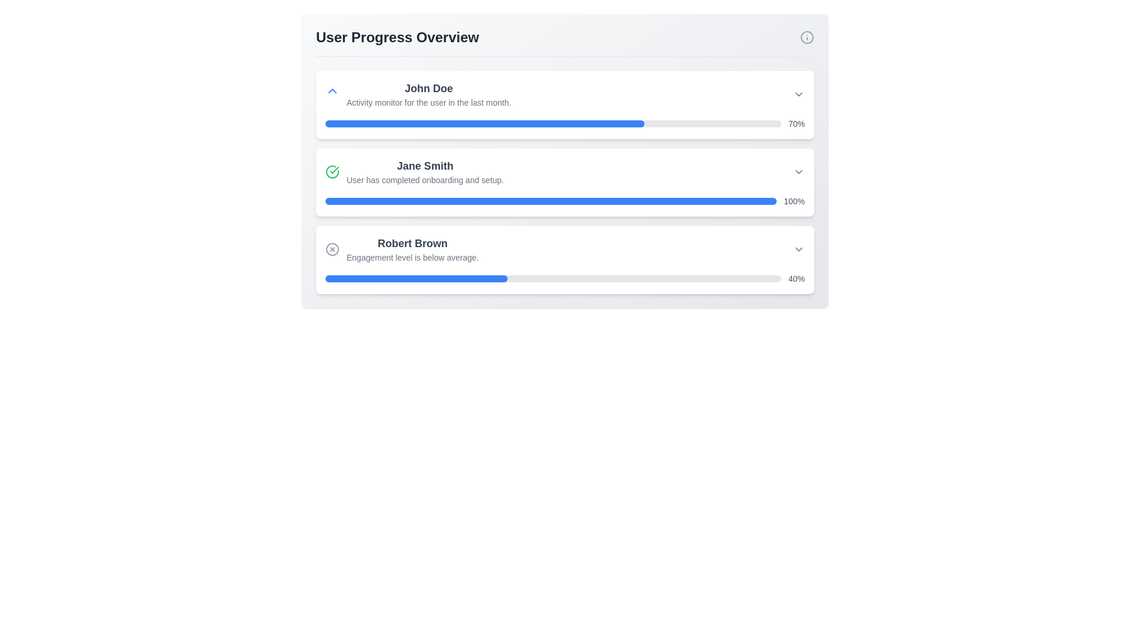  What do you see at coordinates (418, 94) in the screenshot?
I see `the text area of the composite UI element displaying 'John Doe'` at bounding box center [418, 94].